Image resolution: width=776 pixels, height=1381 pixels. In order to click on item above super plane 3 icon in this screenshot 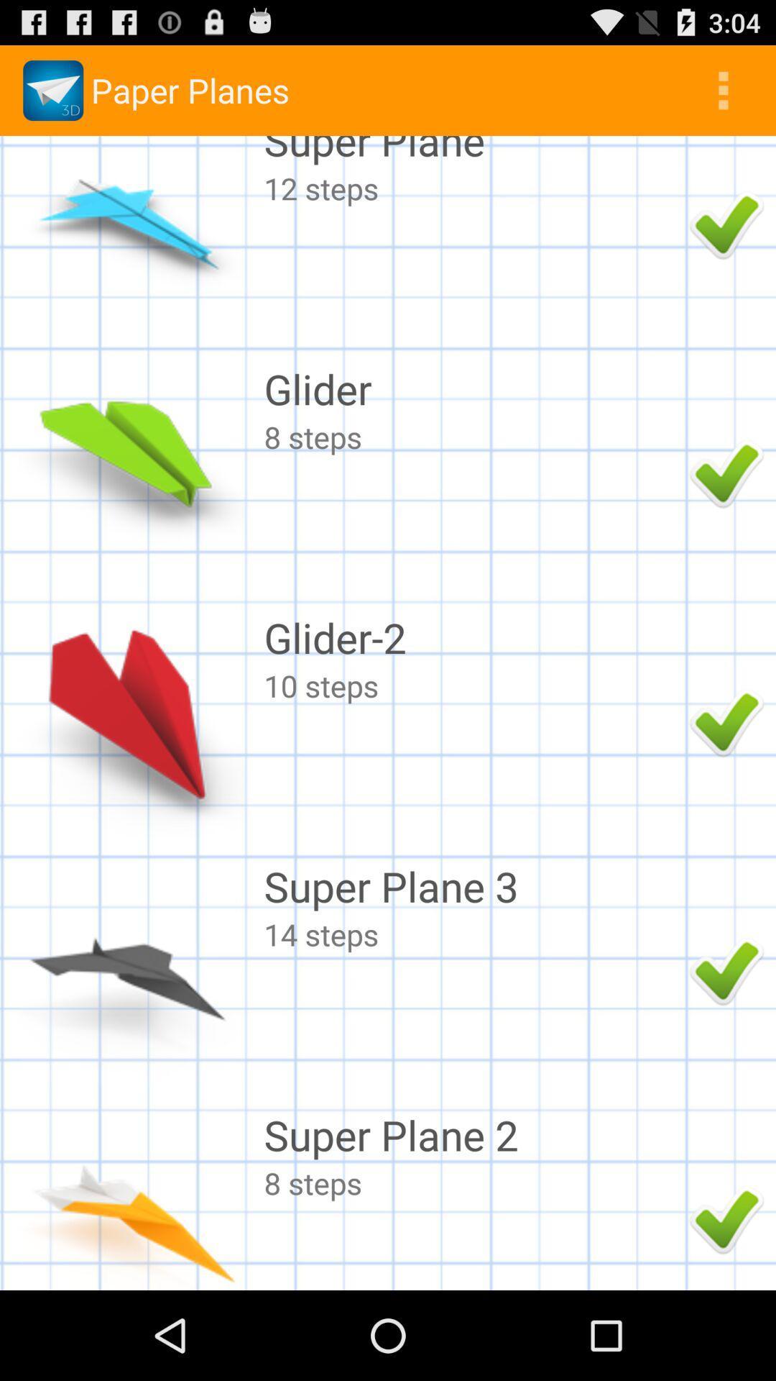, I will do `click(473, 685)`.